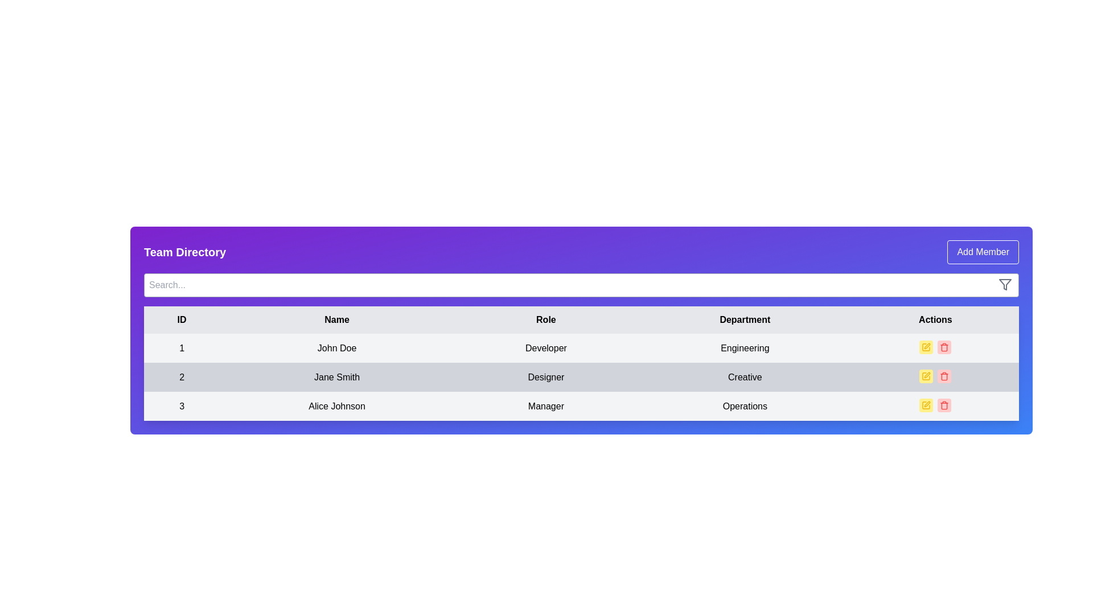 The image size is (1093, 615). I want to click on text label displaying 'Designer' in the third column of the second row of the table, so click(545, 377).